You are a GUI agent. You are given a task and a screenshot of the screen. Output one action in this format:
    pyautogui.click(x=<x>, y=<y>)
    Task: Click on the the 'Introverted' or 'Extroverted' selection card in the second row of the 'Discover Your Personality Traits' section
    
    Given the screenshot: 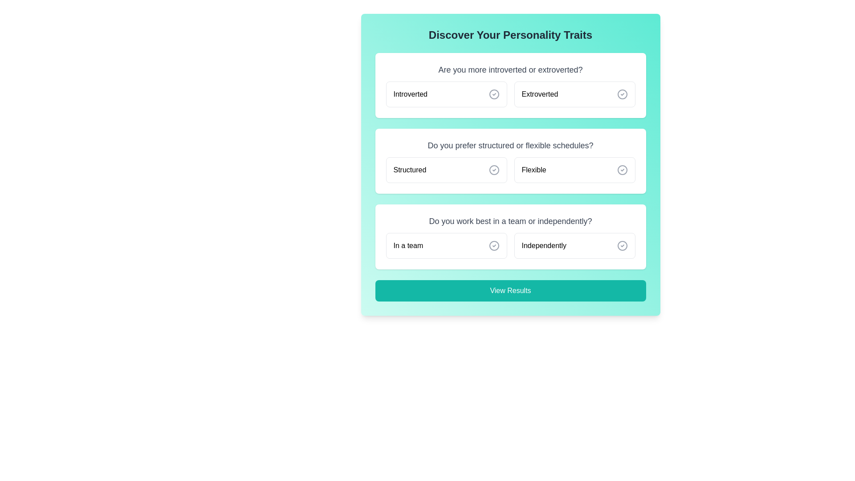 What is the action you would take?
    pyautogui.click(x=510, y=94)
    